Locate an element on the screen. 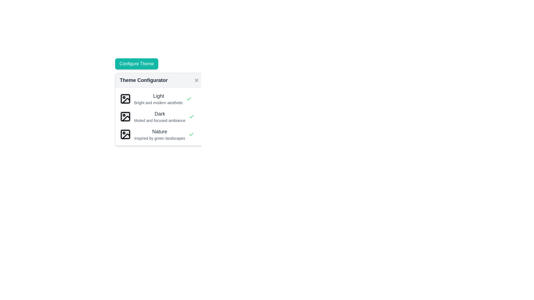 This screenshot has width=534, height=300. the checkmark icon indicating that the 'Dark' theme option is selected in the 'Theme Configurator' settings panel is located at coordinates (191, 134).